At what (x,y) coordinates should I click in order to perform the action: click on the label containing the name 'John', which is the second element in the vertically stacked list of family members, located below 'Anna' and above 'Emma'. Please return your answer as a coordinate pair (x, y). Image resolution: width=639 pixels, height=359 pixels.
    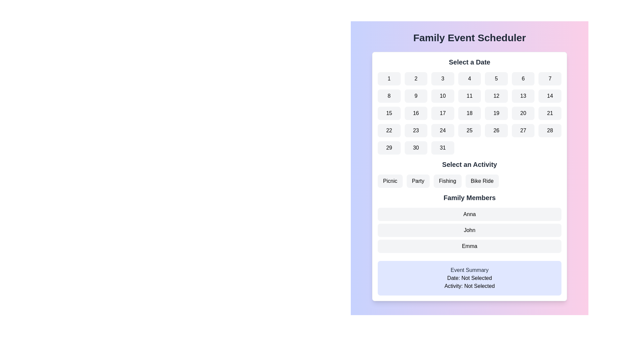
    Looking at the image, I should click on (469, 230).